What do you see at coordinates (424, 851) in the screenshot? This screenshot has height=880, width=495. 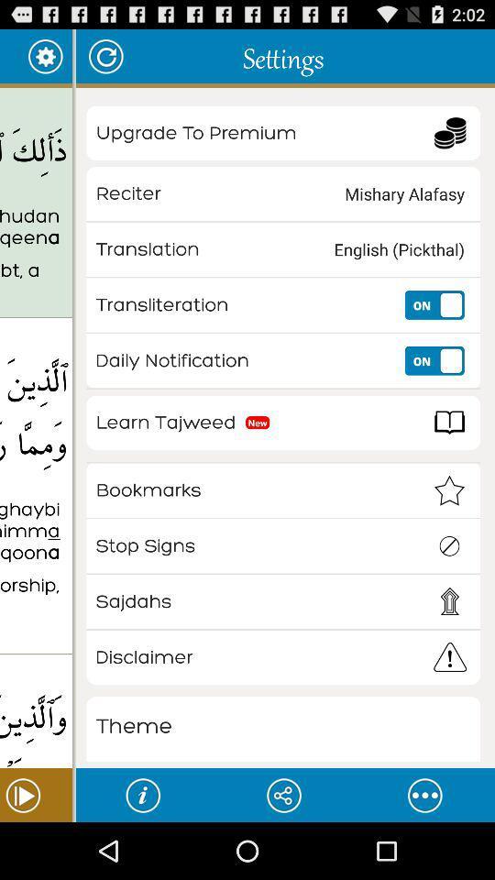 I see `the microphone icon` at bounding box center [424, 851].